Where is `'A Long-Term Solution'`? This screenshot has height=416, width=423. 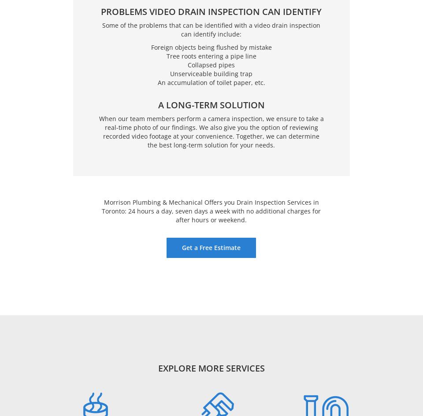 'A Long-Term Solution' is located at coordinates (157, 104).